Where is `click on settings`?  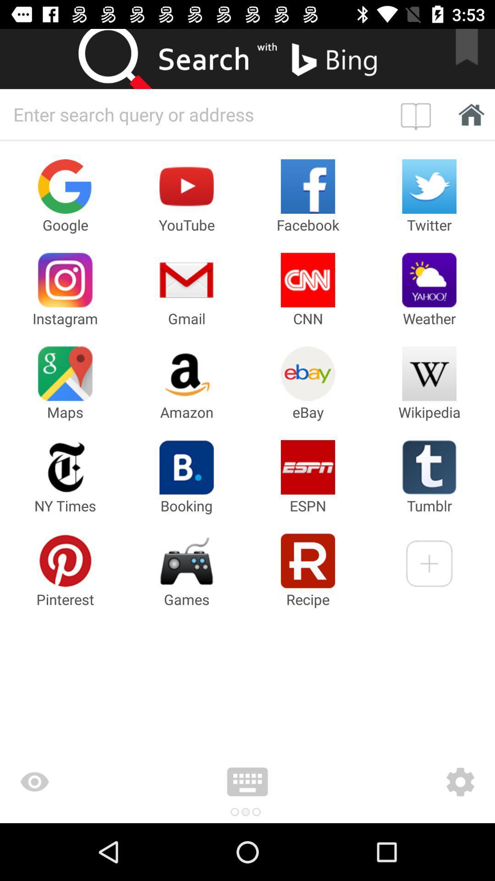
click on settings is located at coordinates (406, 781).